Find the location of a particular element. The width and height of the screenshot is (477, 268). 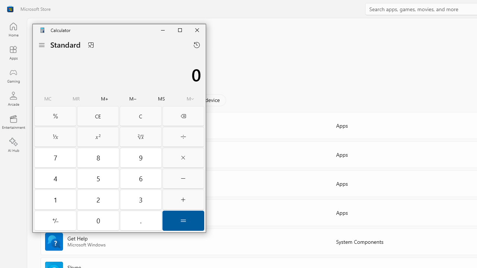

'Arcade' is located at coordinates (13, 98).